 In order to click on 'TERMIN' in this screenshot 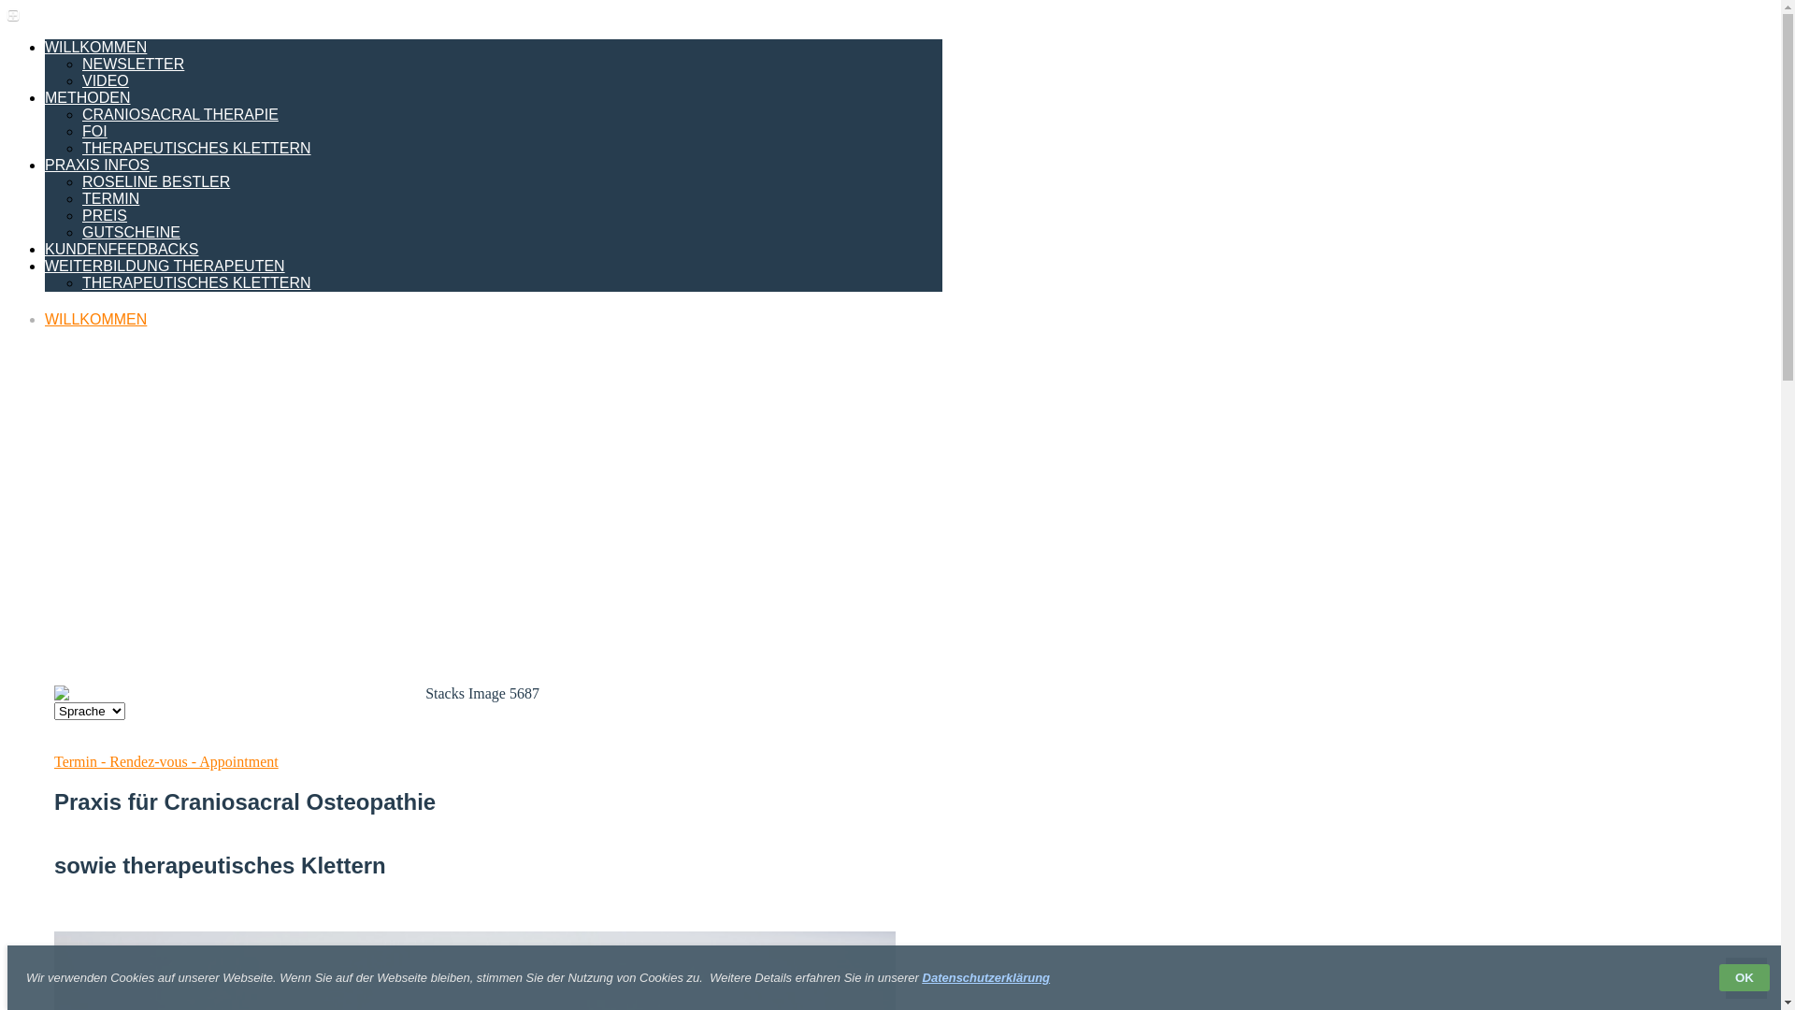, I will do `click(109, 198)`.